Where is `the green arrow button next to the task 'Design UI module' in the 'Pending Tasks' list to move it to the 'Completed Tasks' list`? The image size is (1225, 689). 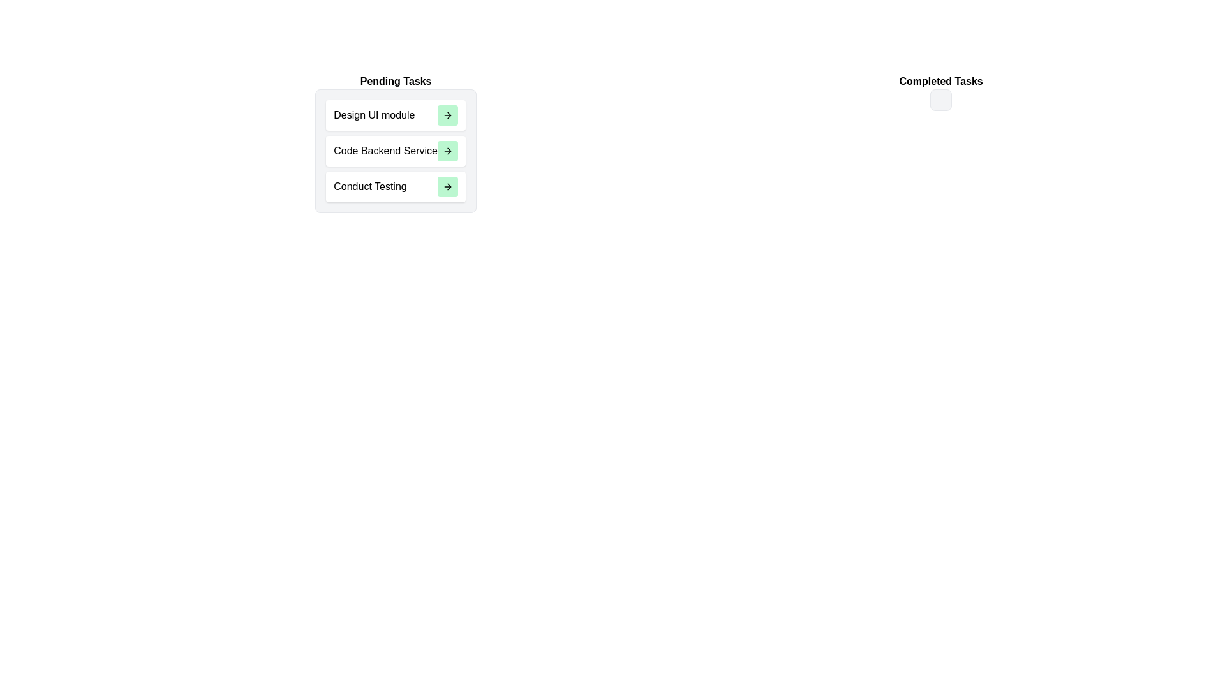 the green arrow button next to the task 'Design UI module' in the 'Pending Tasks' list to move it to the 'Completed Tasks' list is located at coordinates (447, 115).